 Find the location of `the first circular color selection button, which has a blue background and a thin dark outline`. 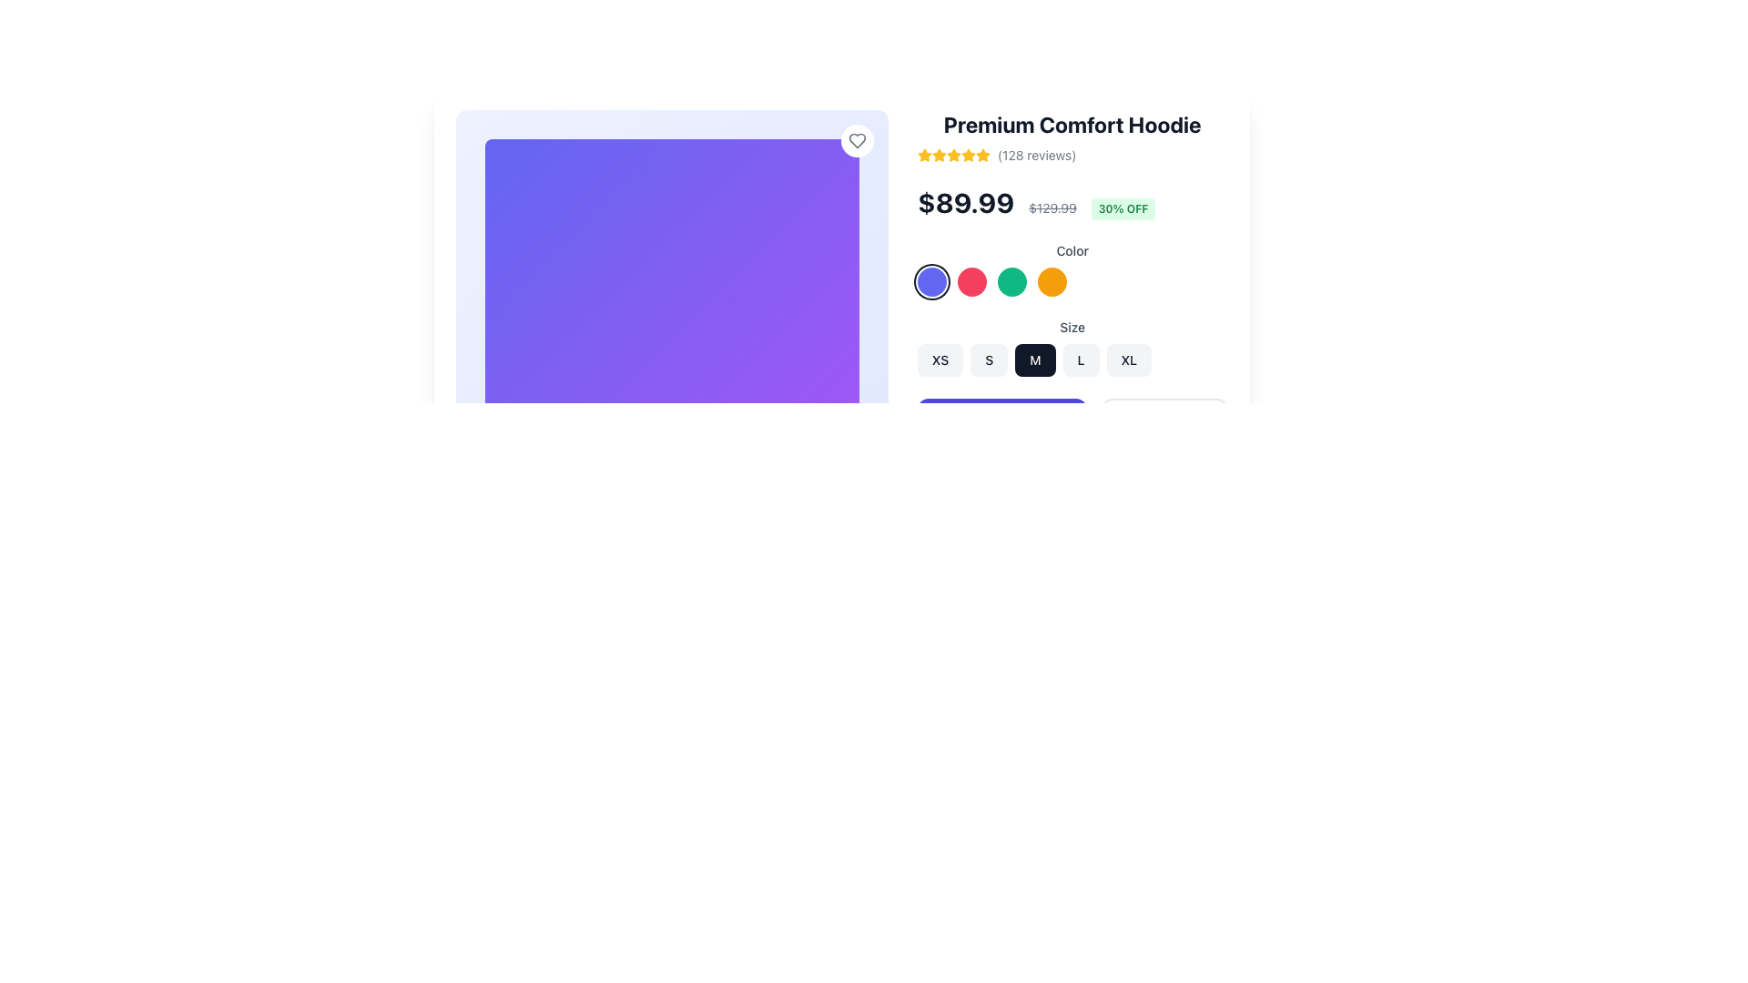

the first circular color selection button, which has a blue background and a thin dark outline is located at coordinates (931, 281).